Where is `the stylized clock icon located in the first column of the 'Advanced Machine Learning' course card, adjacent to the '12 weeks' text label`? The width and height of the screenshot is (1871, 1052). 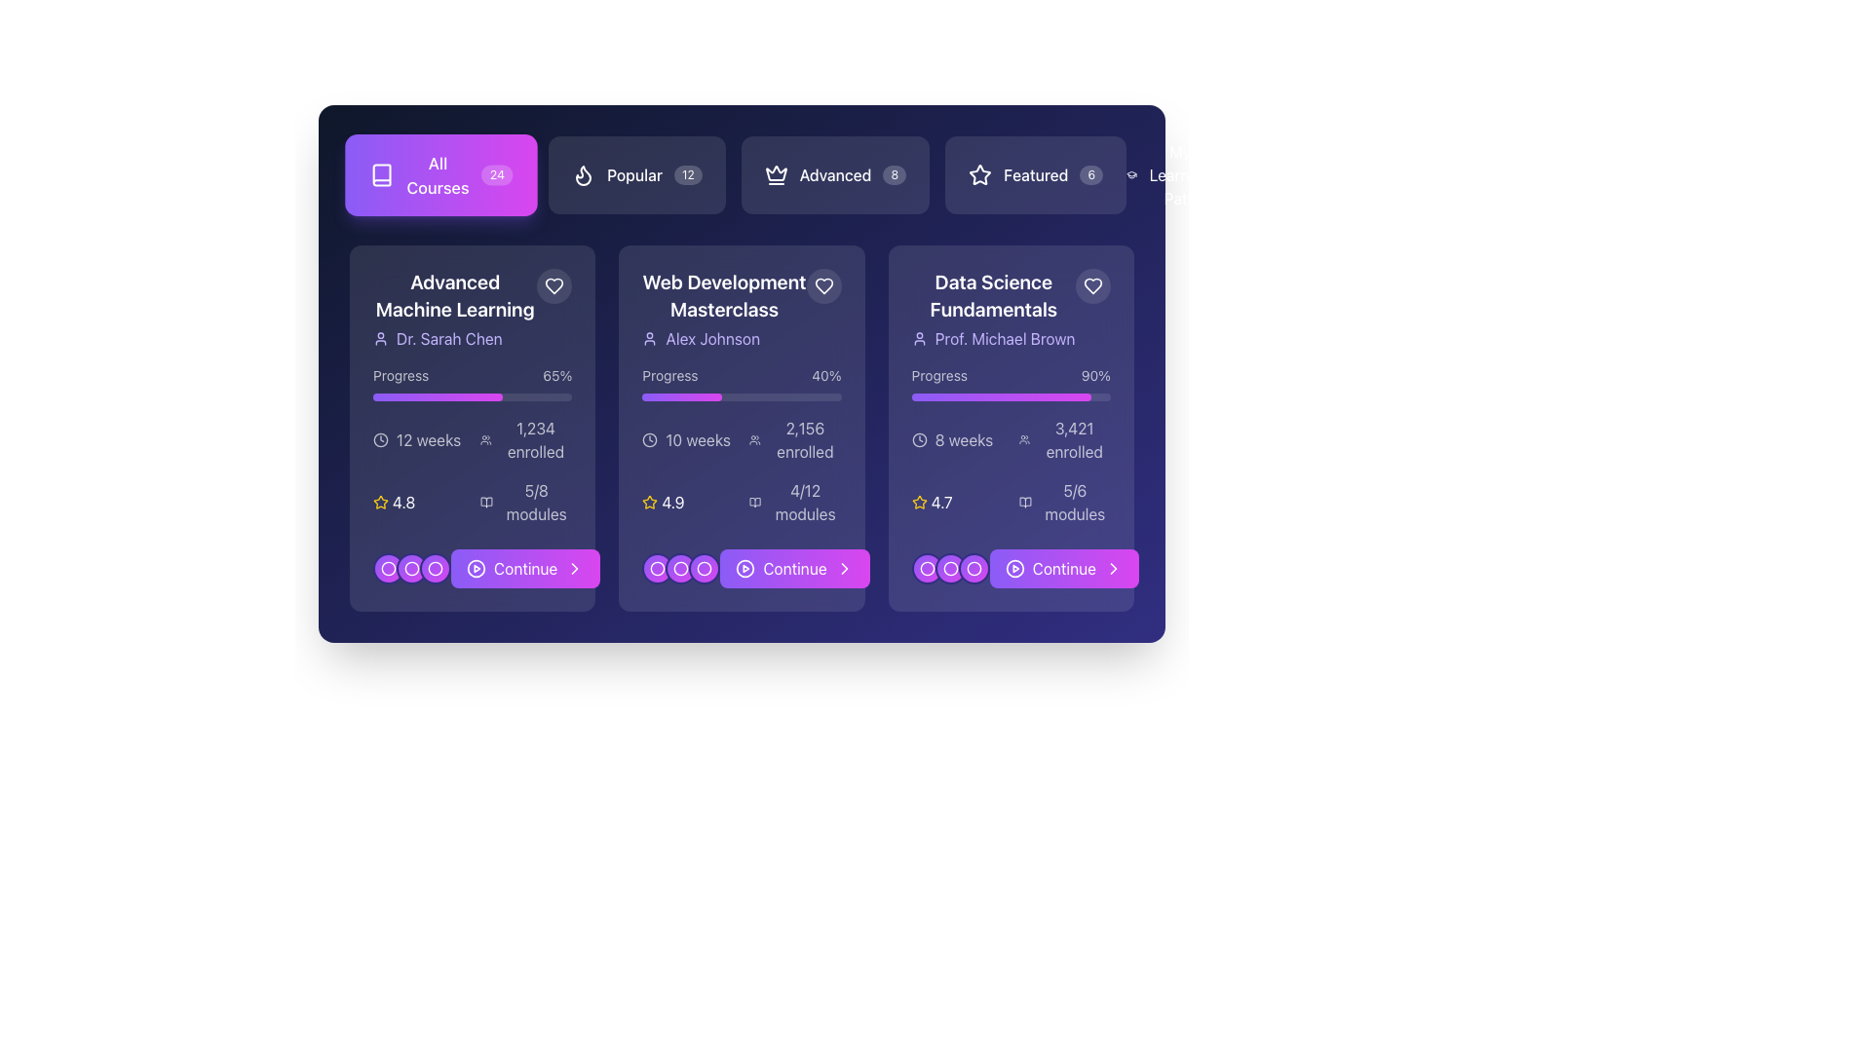
the stylized clock icon located in the first column of the 'Advanced Machine Learning' course card, adjacent to the '12 weeks' text label is located at coordinates (380, 439).